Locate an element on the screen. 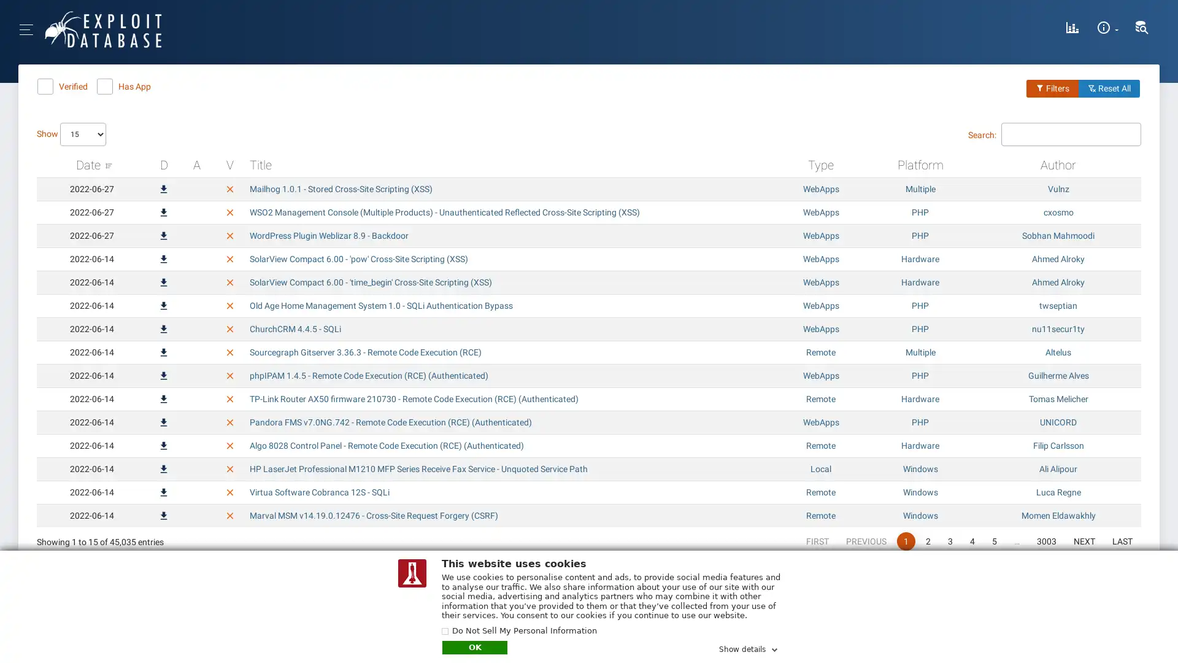 The width and height of the screenshot is (1178, 663). Reset All is located at coordinates (1109, 87).